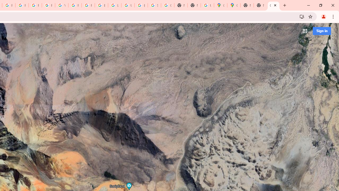 This screenshot has width=339, height=191. Describe the element at coordinates (61, 5) in the screenshot. I see `'YouTube'` at that location.